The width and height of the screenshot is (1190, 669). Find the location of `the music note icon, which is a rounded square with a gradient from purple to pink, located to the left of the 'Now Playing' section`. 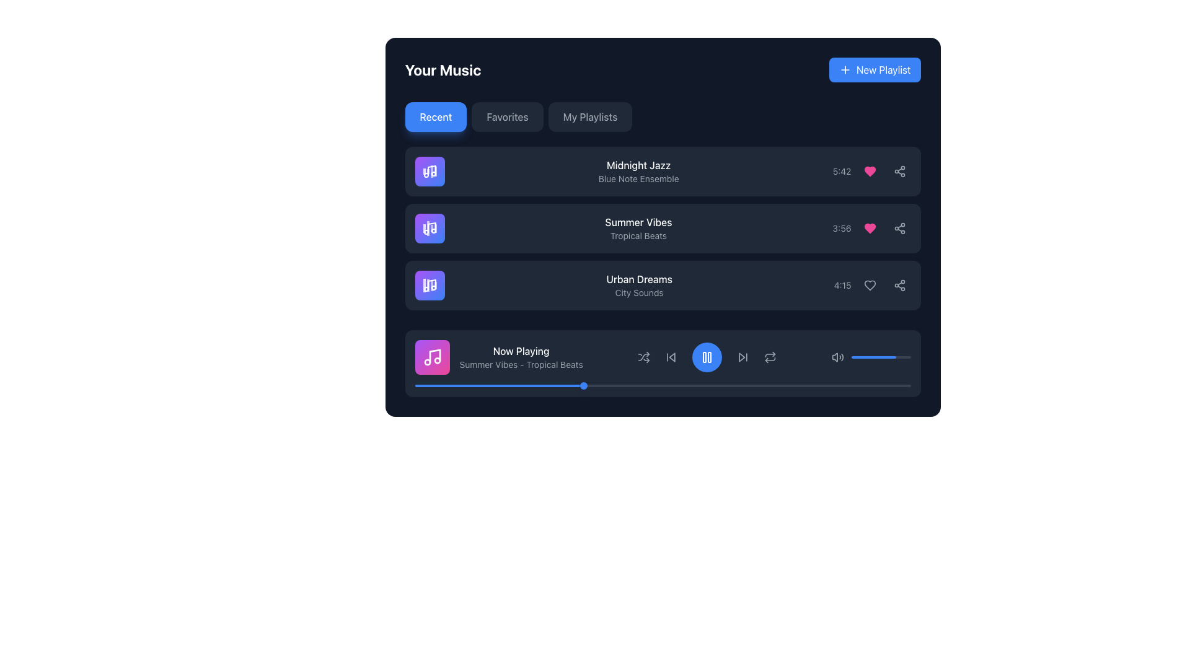

the music note icon, which is a rounded square with a gradient from purple to pink, located to the left of the 'Now Playing' section is located at coordinates (432, 357).